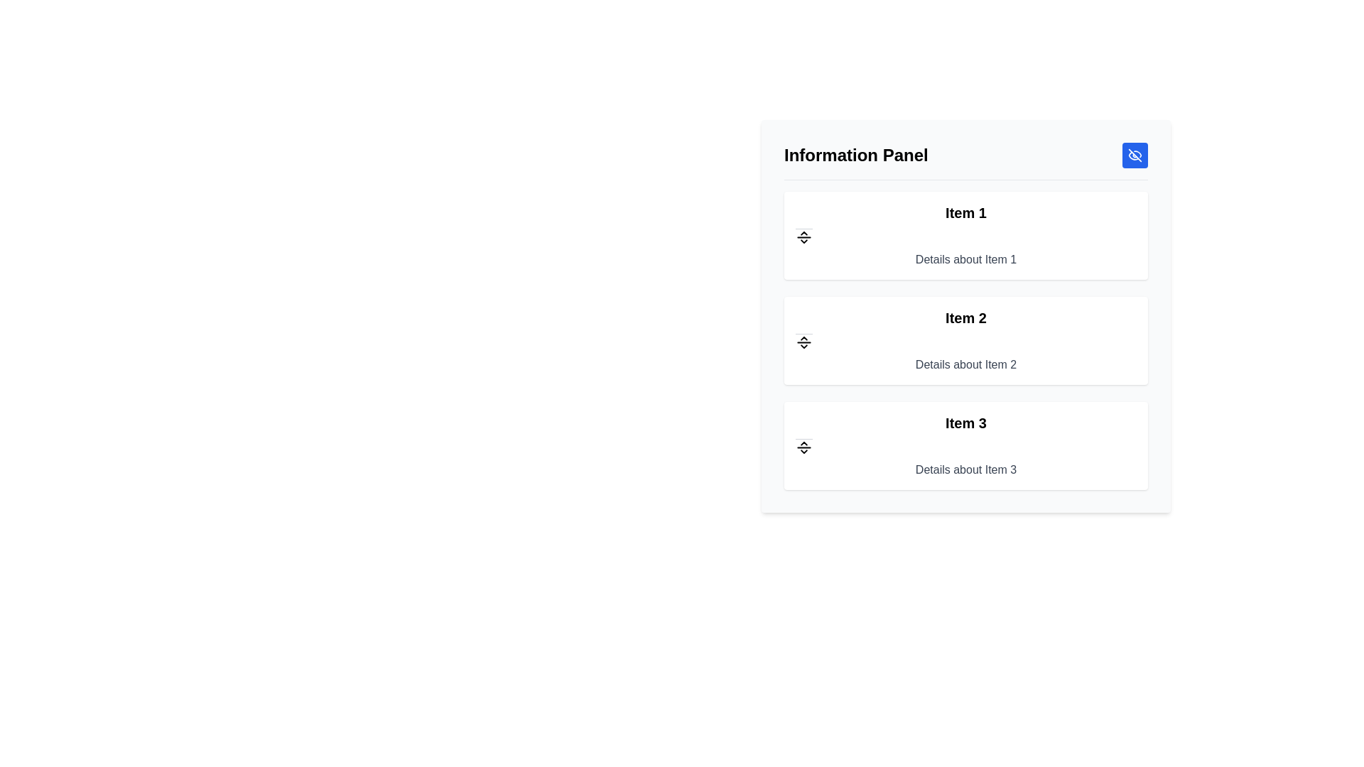 The width and height of the screenshot is (1364, 767). I want to click on the toggle button located in the top-right corner of the 'Information Panel' section, so click(1135, 156).